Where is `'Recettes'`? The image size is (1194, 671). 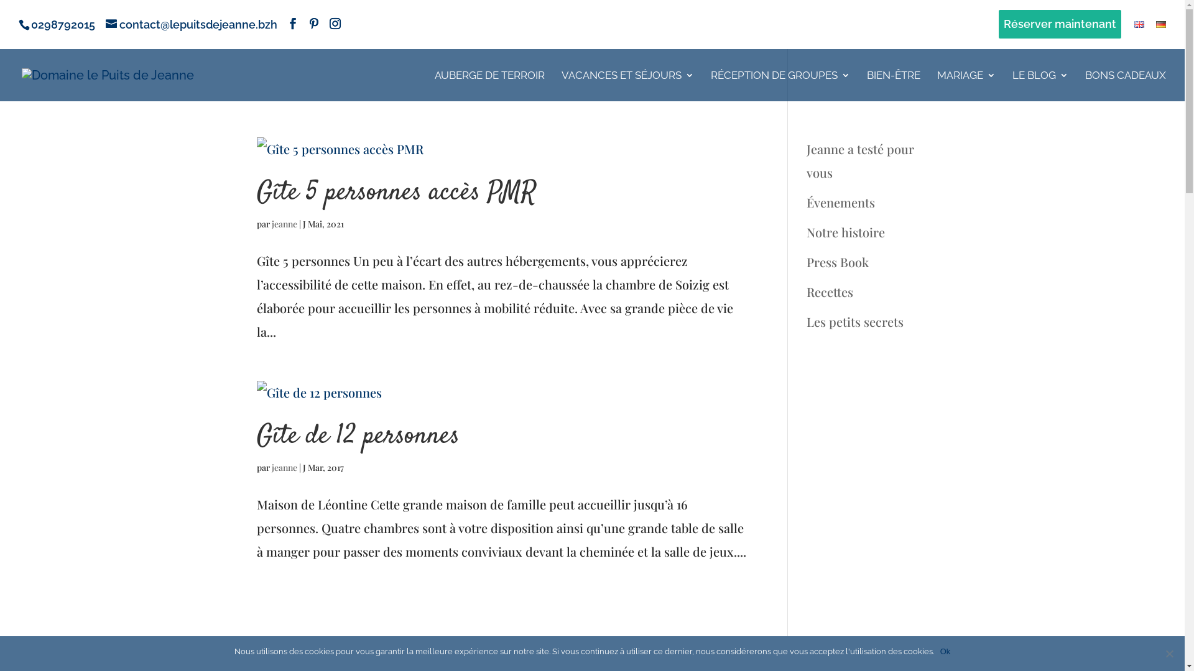
'Recettes' is located at coordinates (830, 291).